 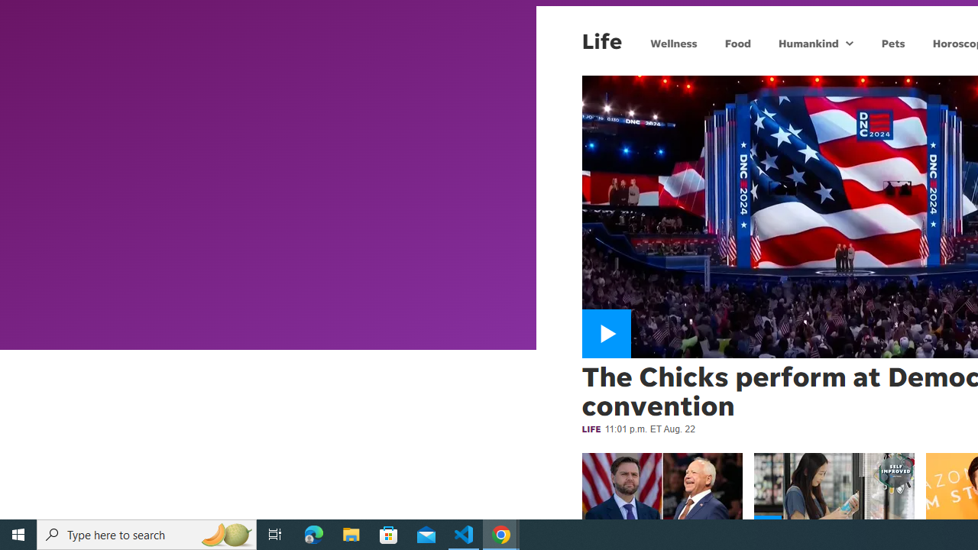 What do you see at coordinates (501, 533) in the screenshot?
I see `'Google Chrome - 2 running windows'` at bounding box center [501, 533].